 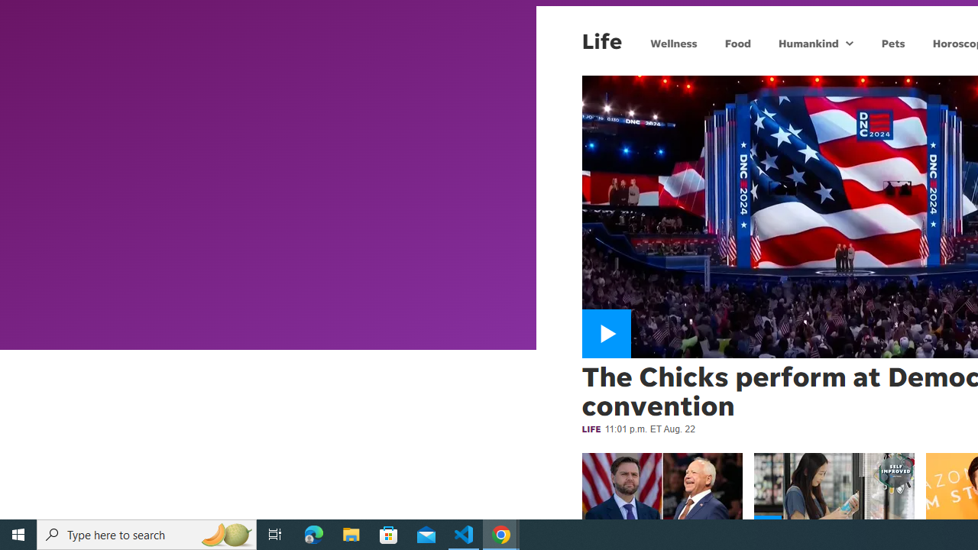 What do you see at coordinates (501, 533) in the screenshot?
I see `'Google Chrome - 2 running windows'` at bounding box center [501, 533].